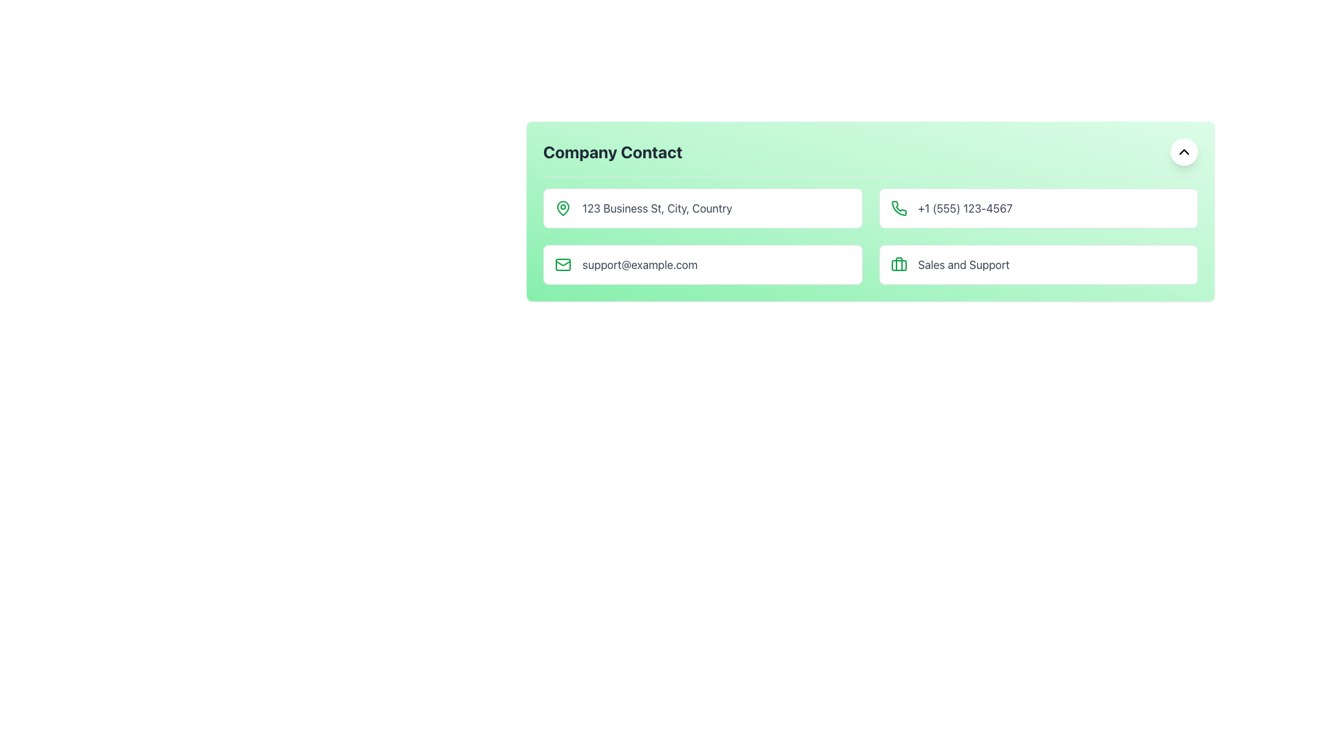 Image resolution: width=1322 pixels, height=743 pixels. Describe the element at coordinates (963, 265) in the screenshot. I see `the descriptive label indicating a section related to sales and support, located in the bottom-right cell of a four-cell grid, to the right of a briefcase icon` at that location.